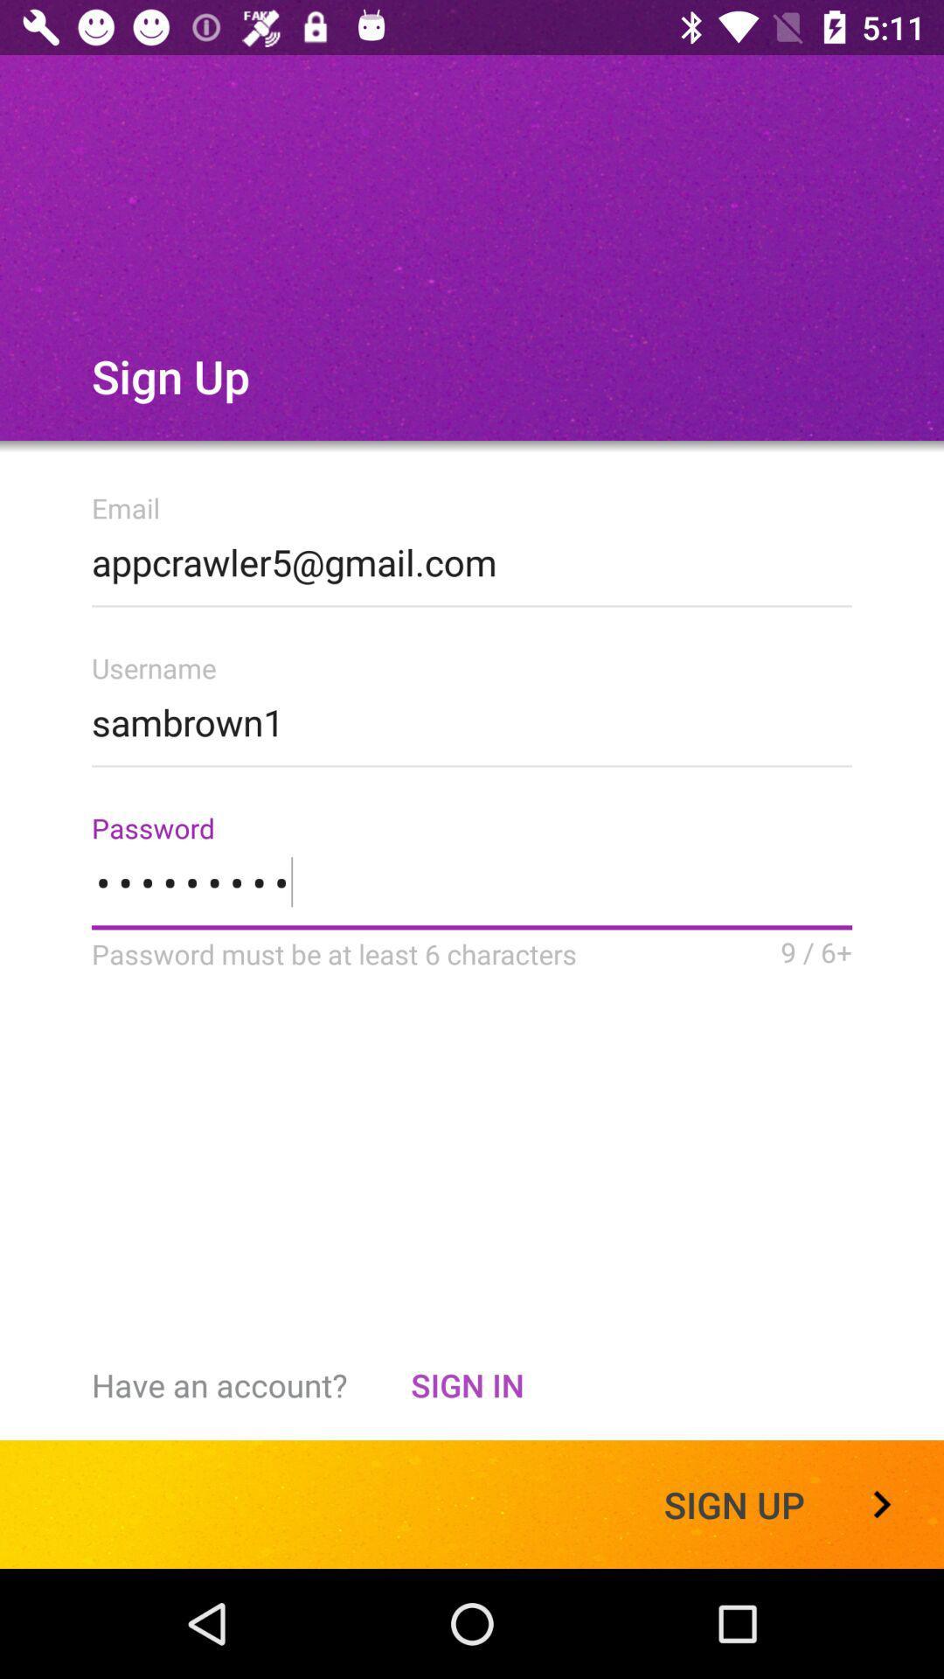  I want to click on the item to the left of sign up item, so click(466, 1384).